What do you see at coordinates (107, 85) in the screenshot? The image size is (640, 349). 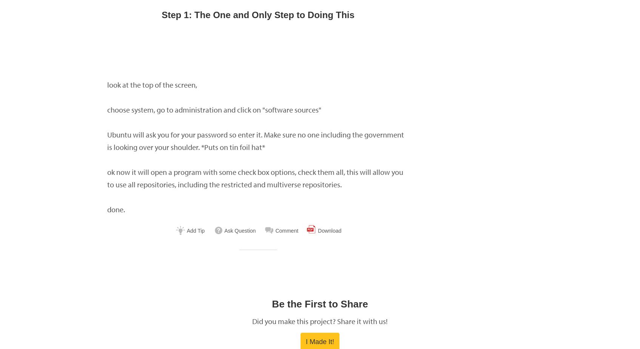 I see `'look at the top of the screen,'` at bounding box center [107, 85].